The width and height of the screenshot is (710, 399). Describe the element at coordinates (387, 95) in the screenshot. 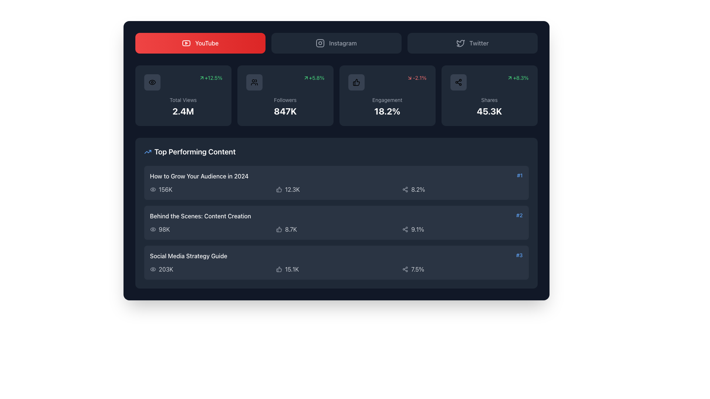

I see `the Information card displaying engagement statistics, which features a dark gray background, a thumb-up icon, and the text '-2.1%' in red, along with 'Engagement' and '18.2%'` at that location.